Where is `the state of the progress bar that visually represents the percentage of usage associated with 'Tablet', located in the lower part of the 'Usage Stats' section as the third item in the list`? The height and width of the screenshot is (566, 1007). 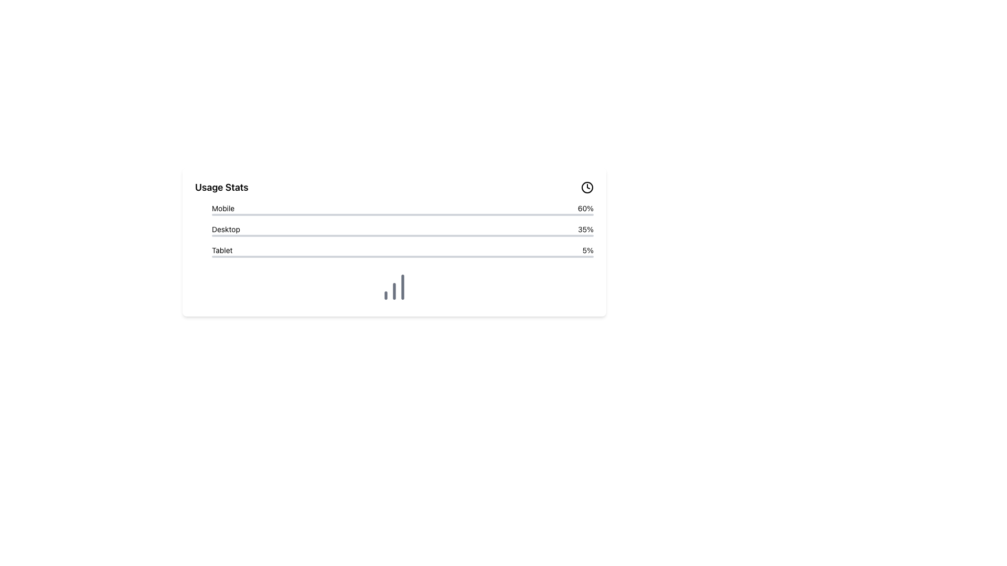
the state of the progress bar that visually represents the percentage of usage associated with 'Tablet', located in the lower part of the 'Usage Stats' section as the third item in the list is located at coordinates (402, 251).